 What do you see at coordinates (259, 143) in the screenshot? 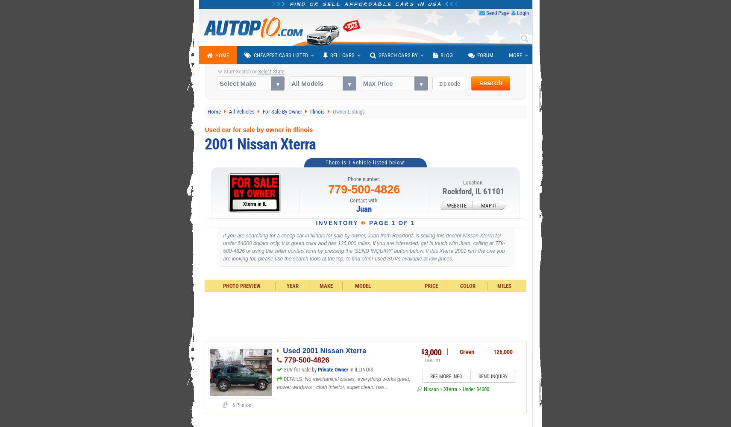
I see `'2001 Nissan Xterra'` at bounding box center [259, 143].